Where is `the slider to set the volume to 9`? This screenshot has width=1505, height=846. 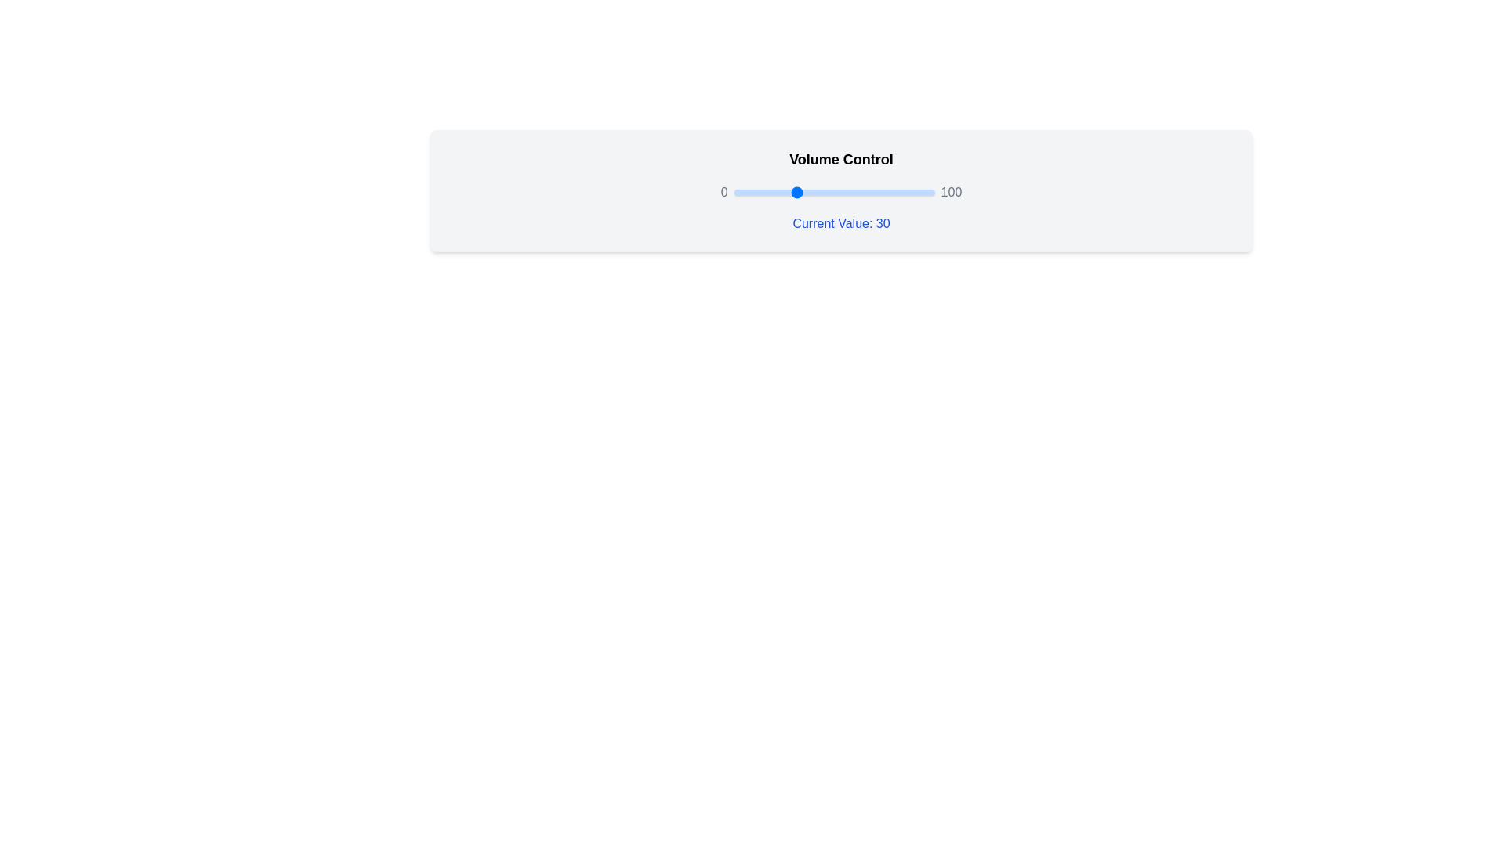 the slider to set the volume to 9 is located at coordinates (751, 192).